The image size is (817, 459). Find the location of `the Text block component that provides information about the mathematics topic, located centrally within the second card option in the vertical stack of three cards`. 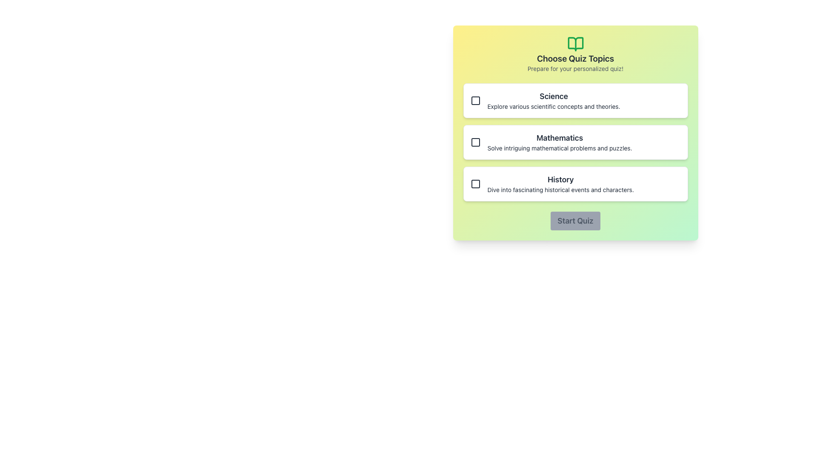

the Text block component that provides information about the mathematics topic, located centrally within the second card option in the vertical stack of three cards is located at coordinates (560, 142).